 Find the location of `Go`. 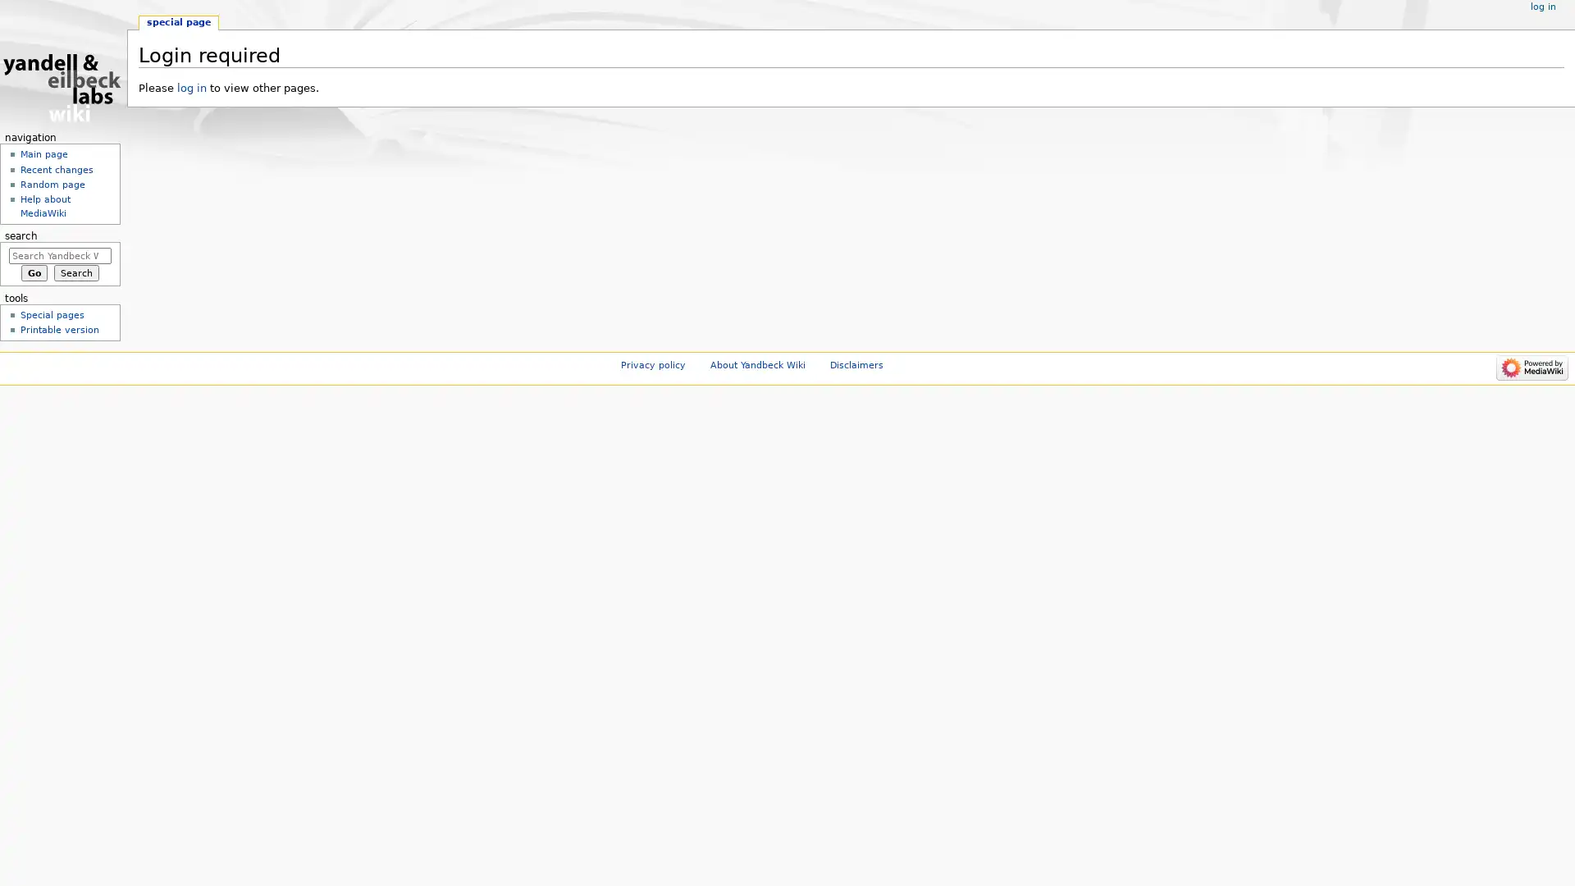

Go is located at coordinates (34, 272).